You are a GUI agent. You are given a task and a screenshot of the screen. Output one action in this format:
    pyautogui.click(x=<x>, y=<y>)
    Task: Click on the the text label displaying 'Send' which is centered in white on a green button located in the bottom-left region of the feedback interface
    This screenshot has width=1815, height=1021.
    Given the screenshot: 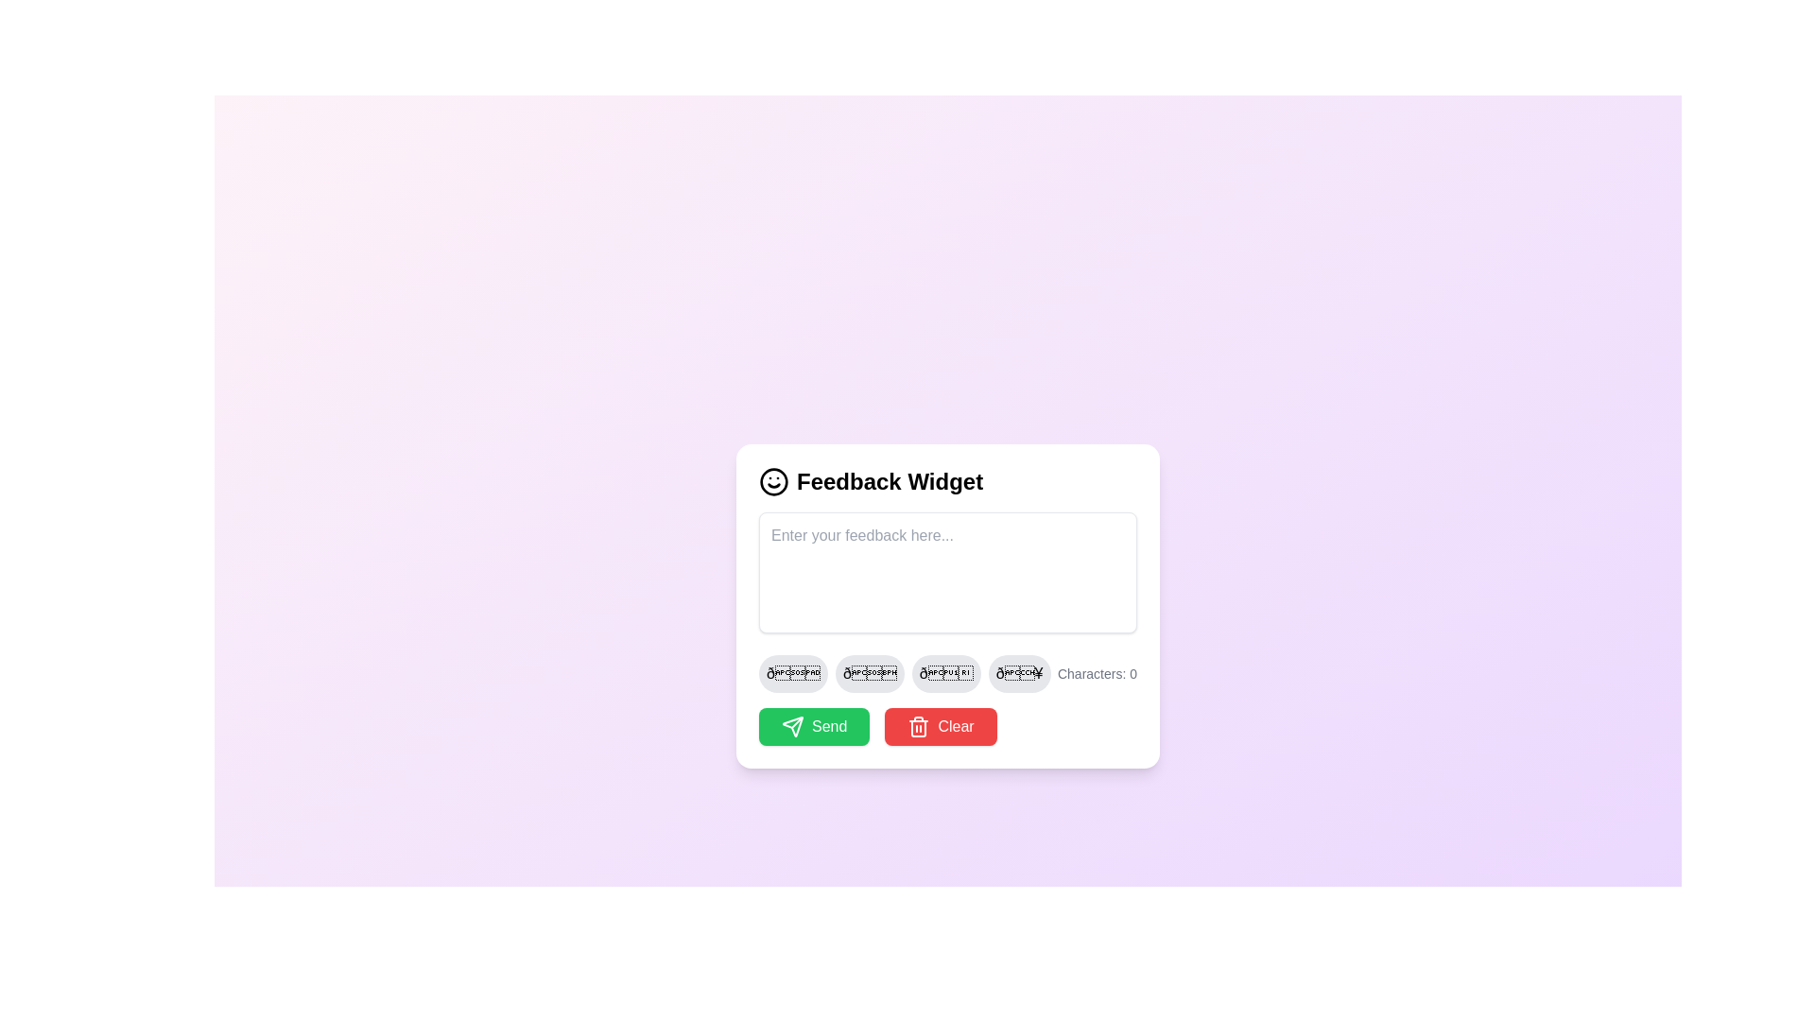 What is the action you would take?
    pyautogui.click(x=829, y=725)
    